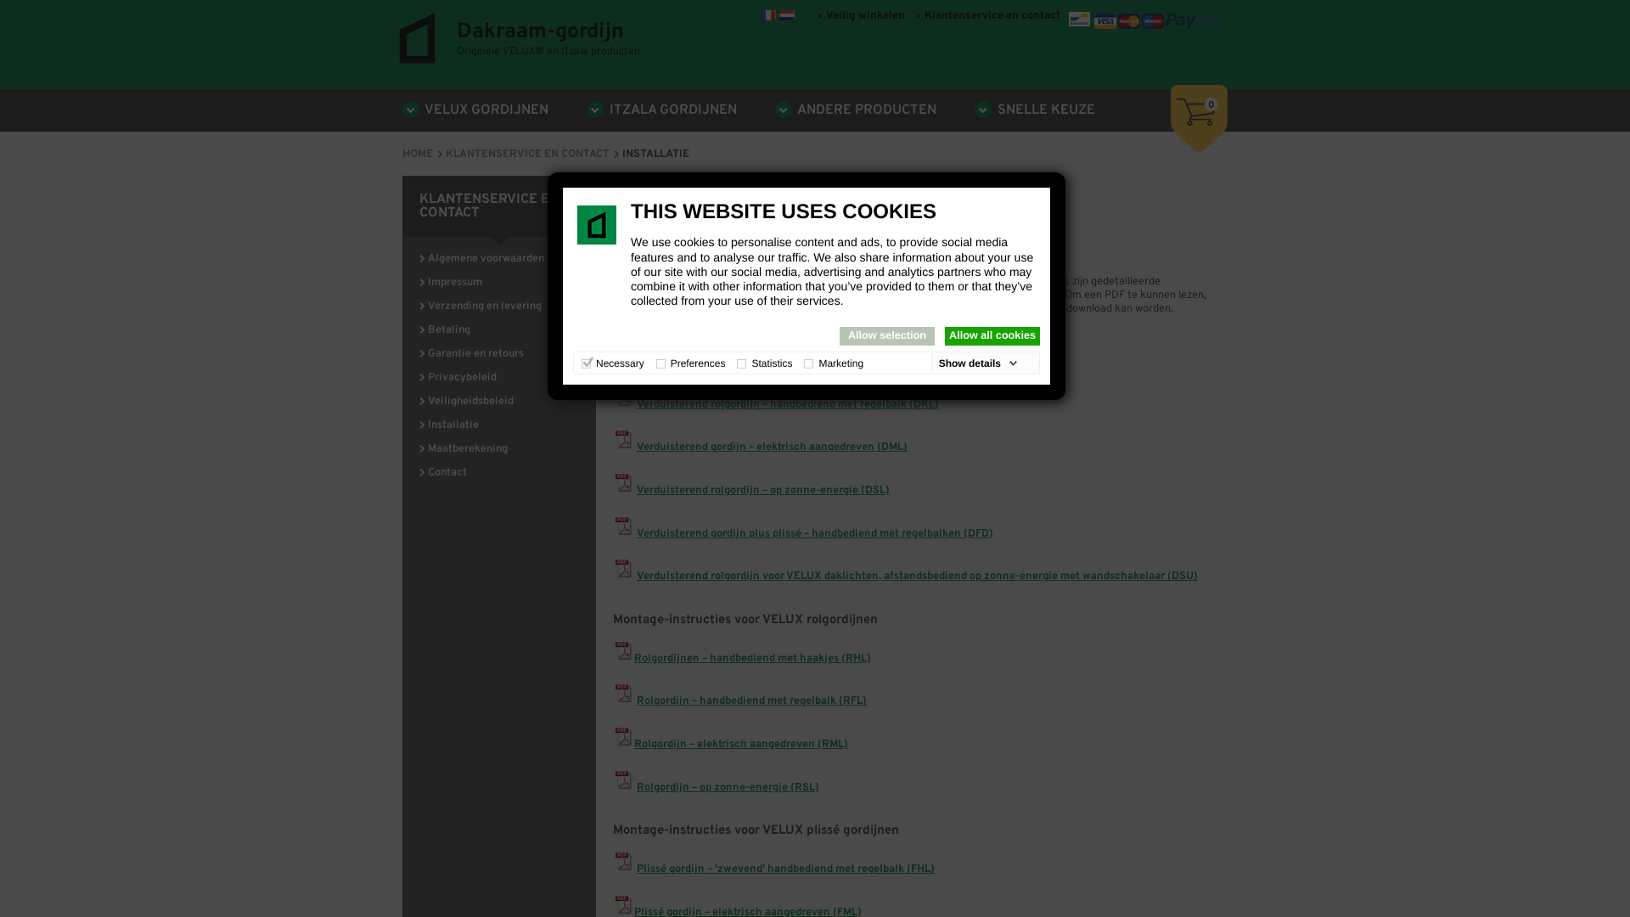  I want to click on 'Allow selection', so click(886, 336).